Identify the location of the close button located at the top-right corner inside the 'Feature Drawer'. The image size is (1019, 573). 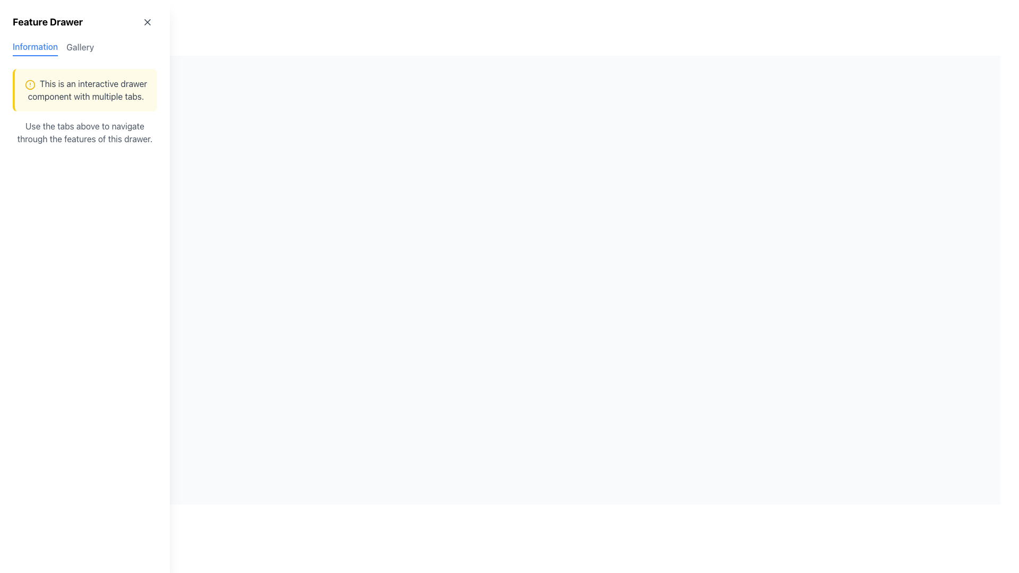
(147, 22).